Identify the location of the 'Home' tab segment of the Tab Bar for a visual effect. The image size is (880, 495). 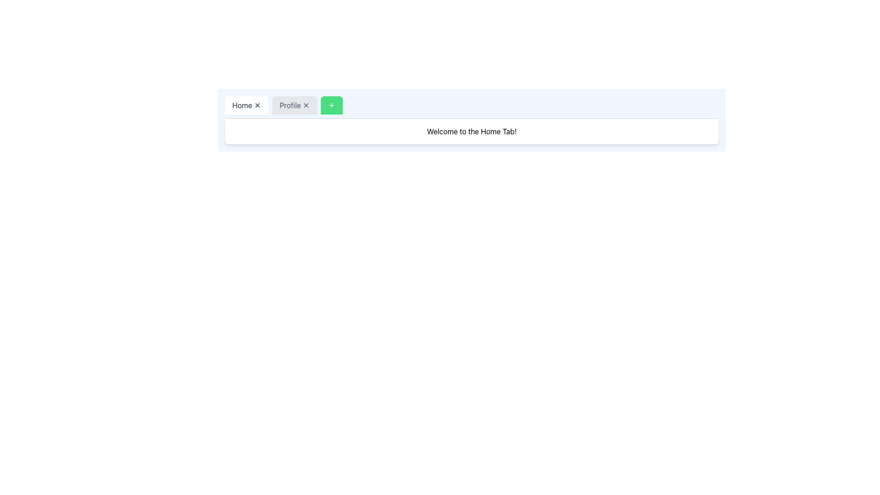
(472, 107).